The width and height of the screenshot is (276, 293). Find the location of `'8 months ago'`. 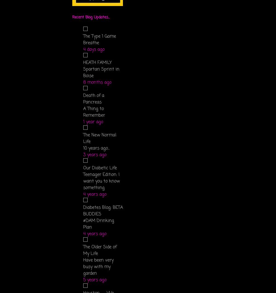

'8 months ago' is located at coordinates (97, 82).